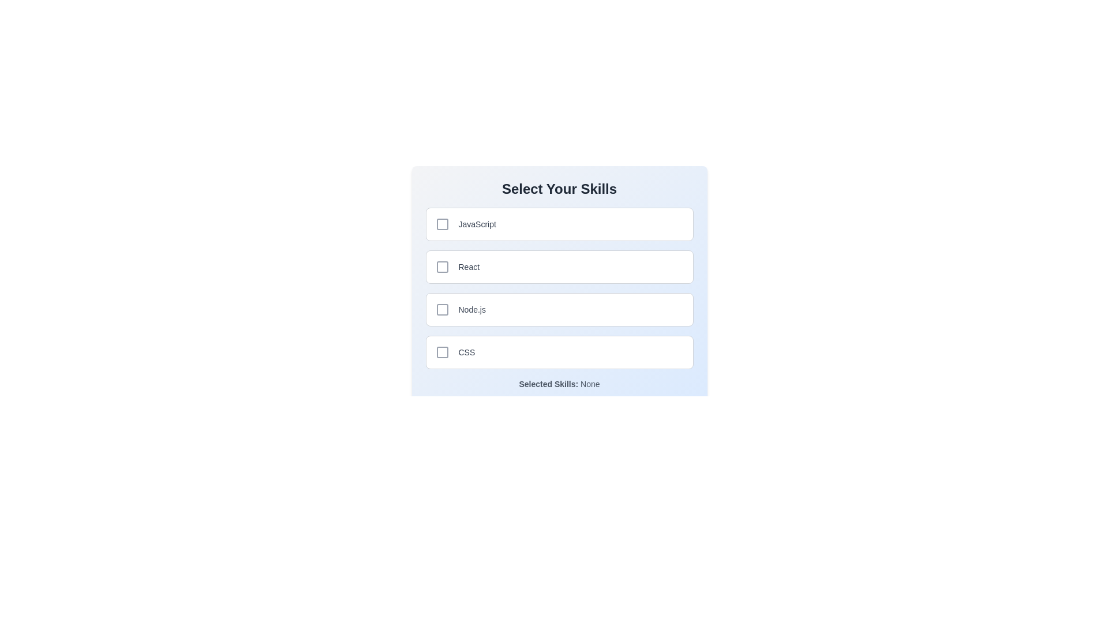 This screenshot has height=623, width=1108. I want to click on the checkbox for the 'React' skill in the skill selection list, which is positioned in the second row and is centered left of its label, so click(441, 267).